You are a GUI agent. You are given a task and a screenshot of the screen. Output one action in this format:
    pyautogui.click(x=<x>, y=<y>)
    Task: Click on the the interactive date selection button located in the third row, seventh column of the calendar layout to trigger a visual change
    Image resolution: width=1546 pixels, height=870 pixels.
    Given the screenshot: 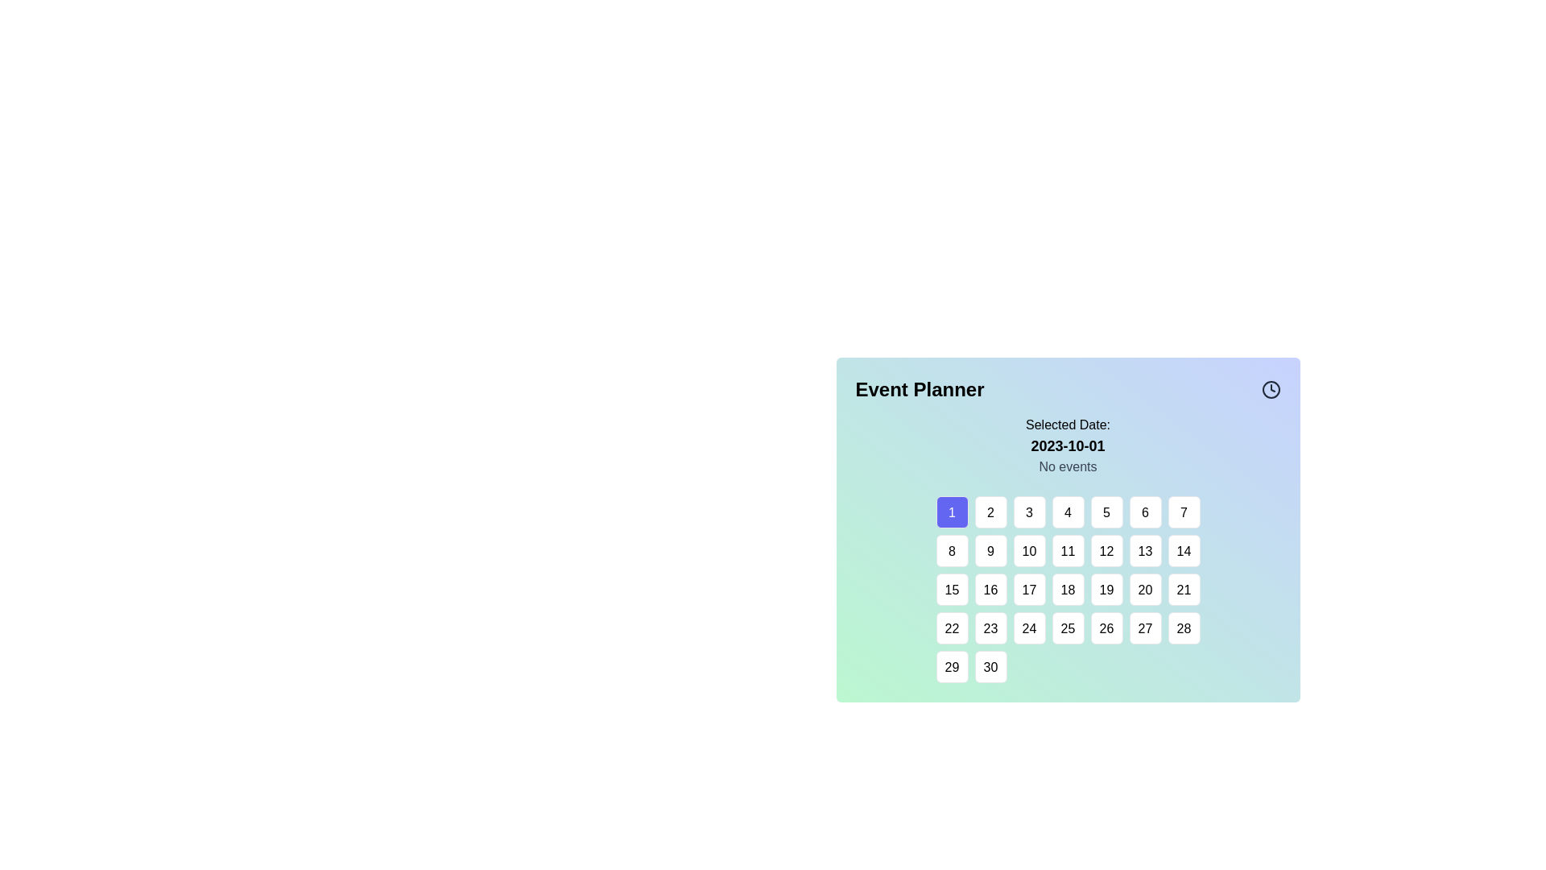 What is the action you would take?
    pyautogui.click(x=1184, y=549)
    